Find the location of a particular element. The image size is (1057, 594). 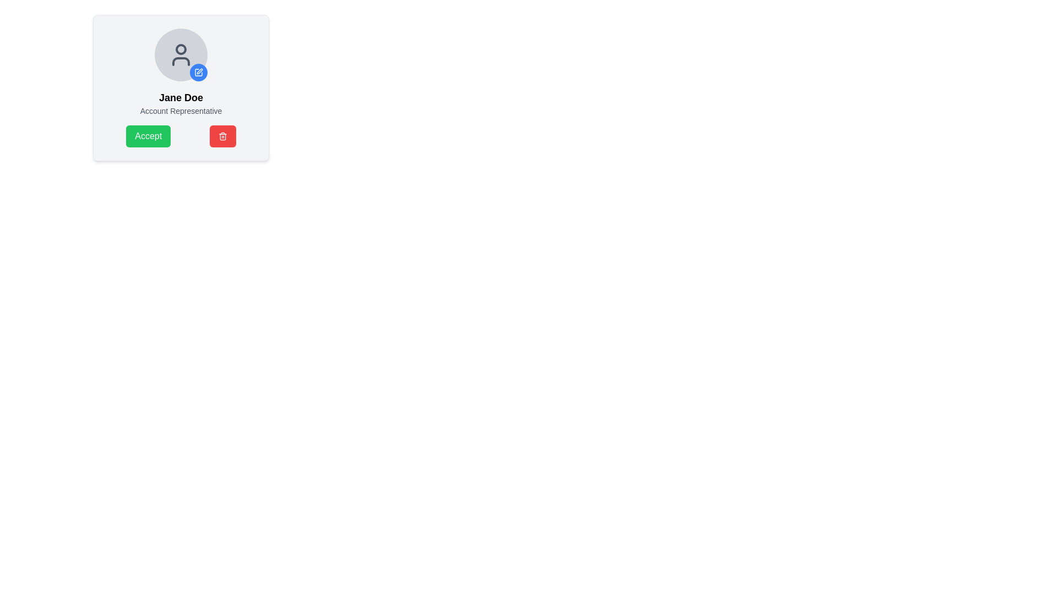

the user avatar icon representing 'Jane Doe' located at the top of the profile card is located at coordinates (181, 55).